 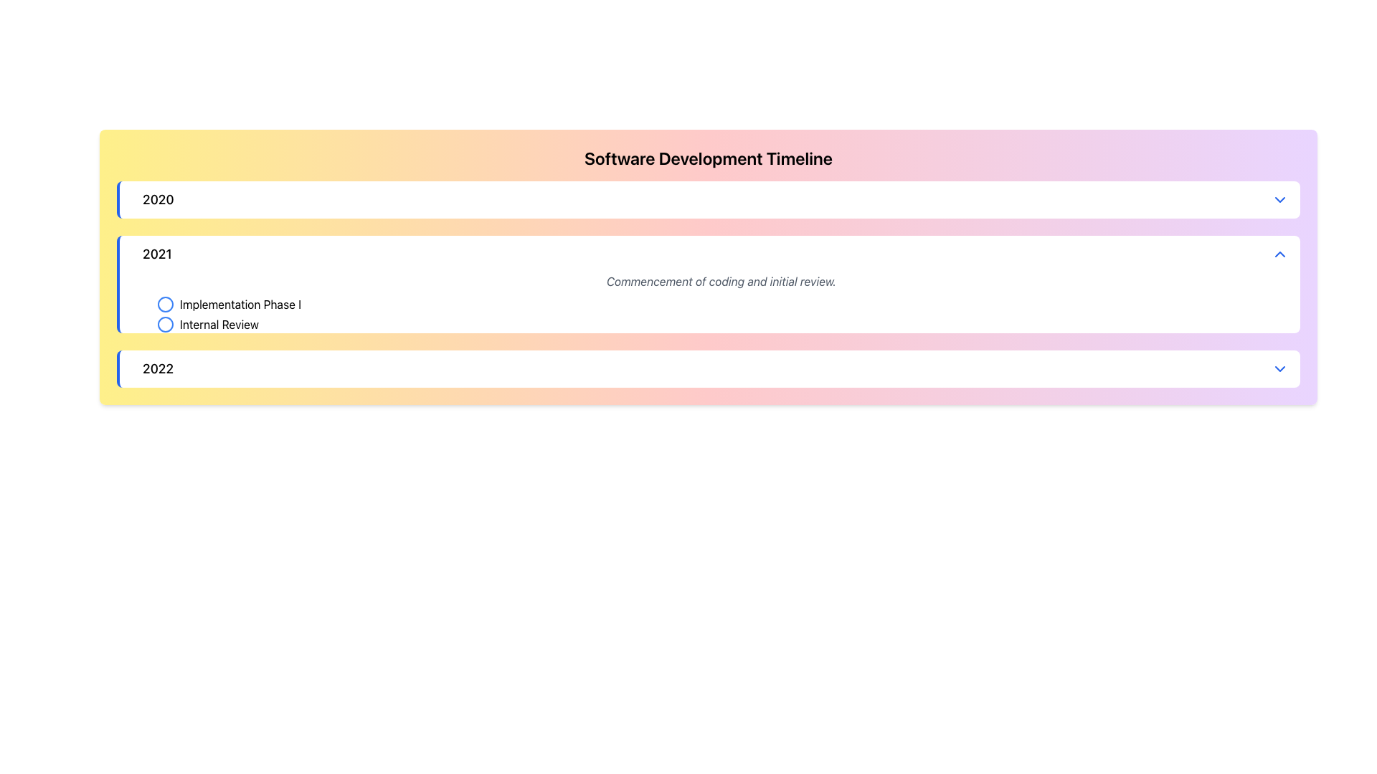 I want to click on the Circle graphic representing the unfinished state in the timeline entry beneath 'Implementation Phase I' in the '2021' section, so click(x=165, y=303).